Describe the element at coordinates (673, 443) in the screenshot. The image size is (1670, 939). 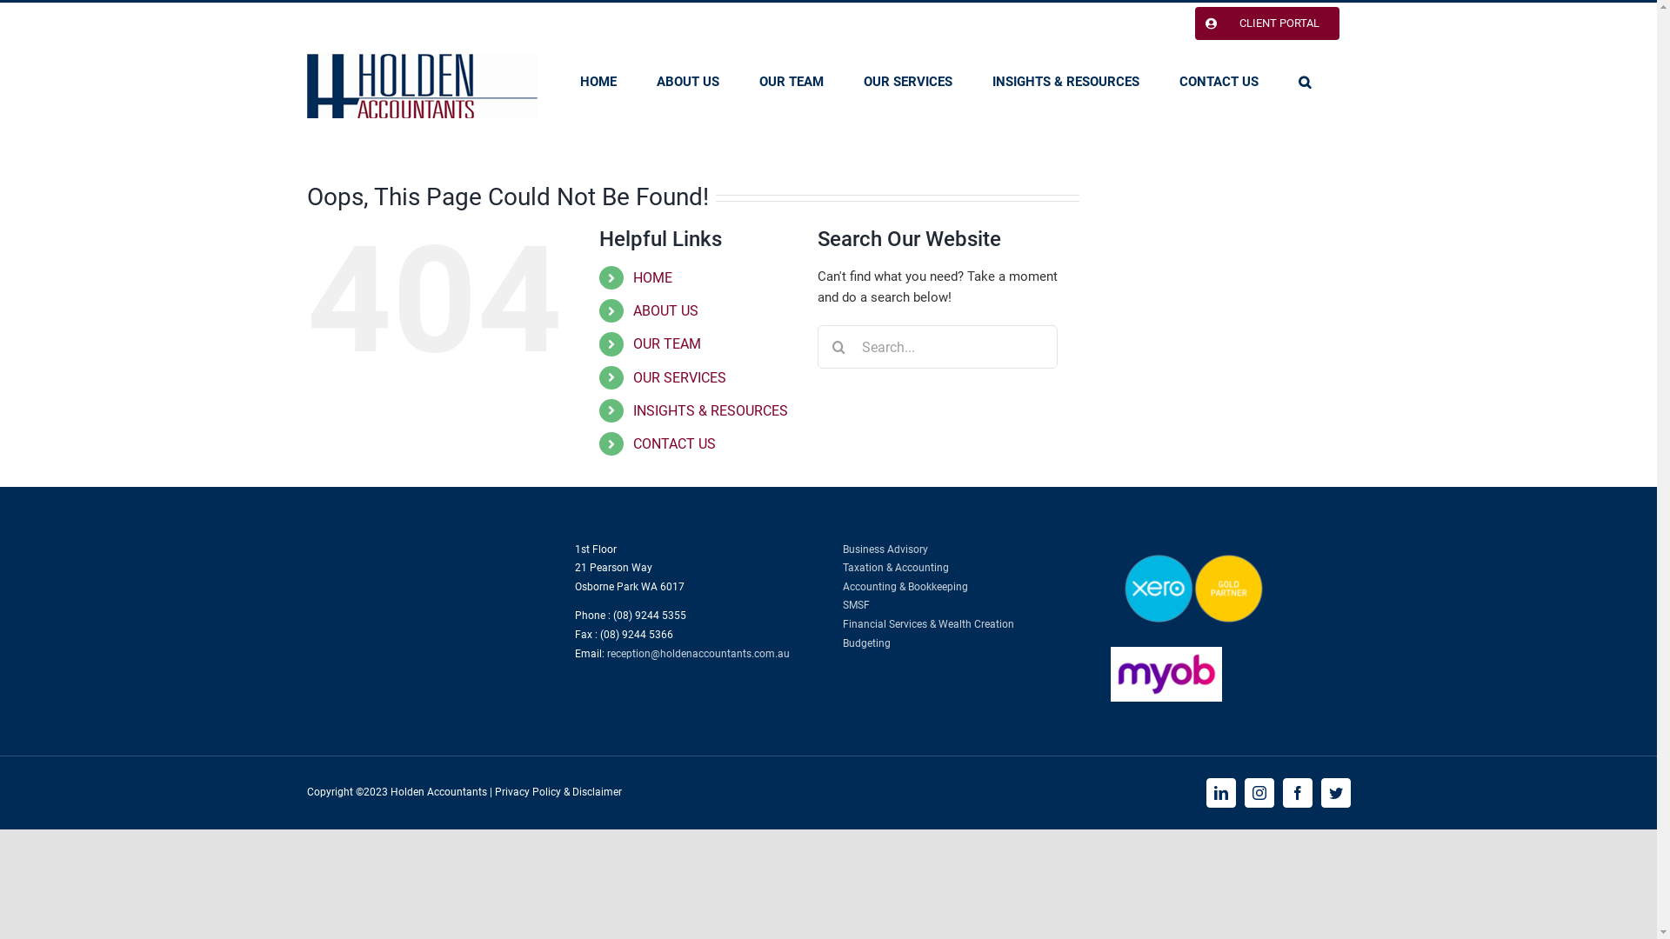
I see `'CONTACT US'` at that location.